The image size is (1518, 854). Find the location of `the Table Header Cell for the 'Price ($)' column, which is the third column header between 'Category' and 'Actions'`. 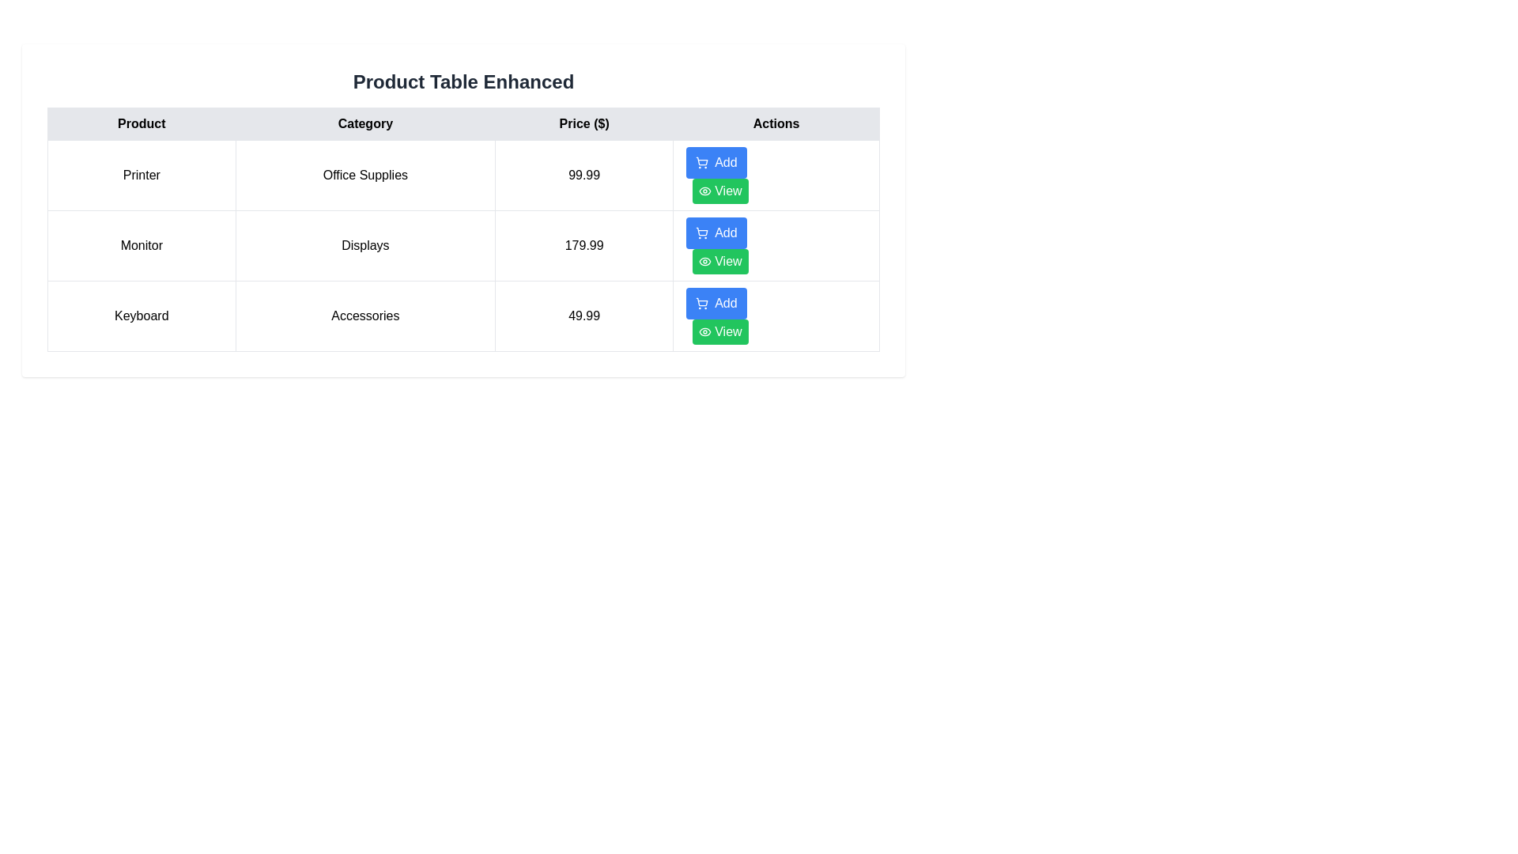

the Table Header Cell for the 'Price ($)' column, which is the third column header between 'Category' and 'Actions' is located at coordinates (583, 123).